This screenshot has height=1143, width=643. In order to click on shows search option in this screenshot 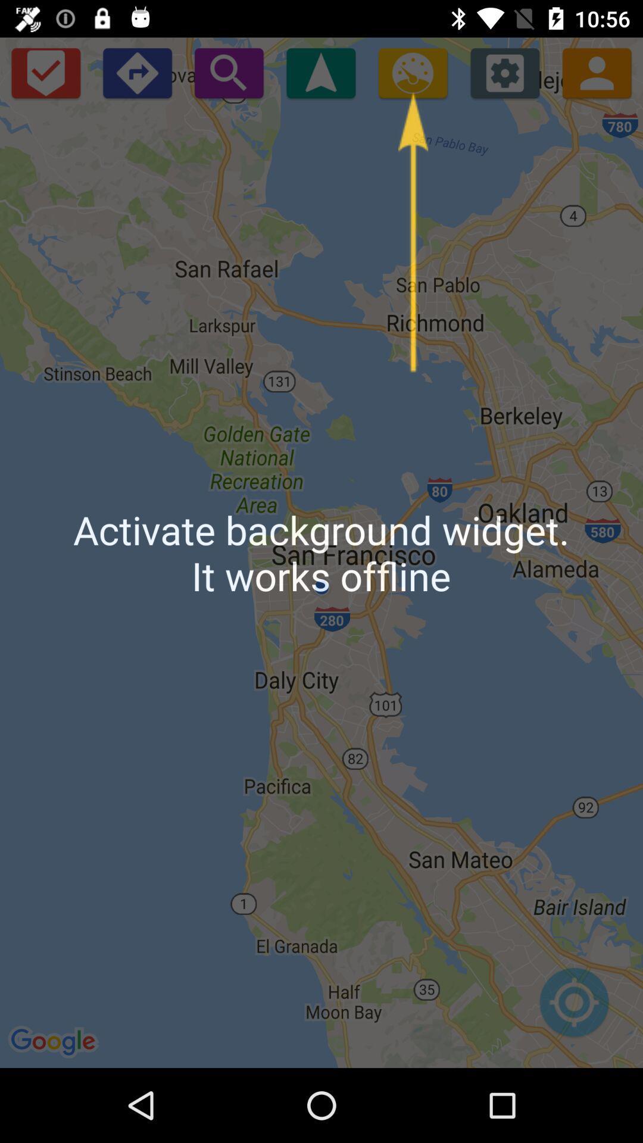, I will do `click(229, 72)`.